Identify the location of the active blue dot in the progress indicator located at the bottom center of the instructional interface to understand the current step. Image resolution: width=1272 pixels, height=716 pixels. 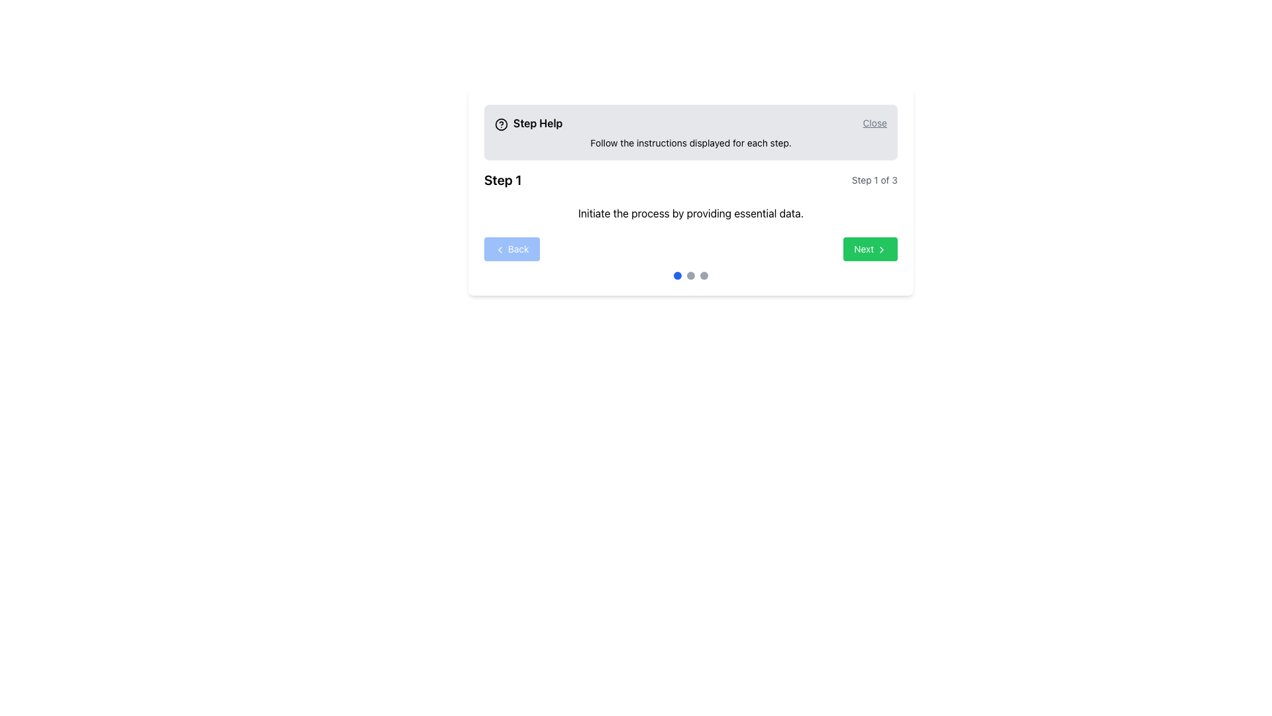
(690, 275).